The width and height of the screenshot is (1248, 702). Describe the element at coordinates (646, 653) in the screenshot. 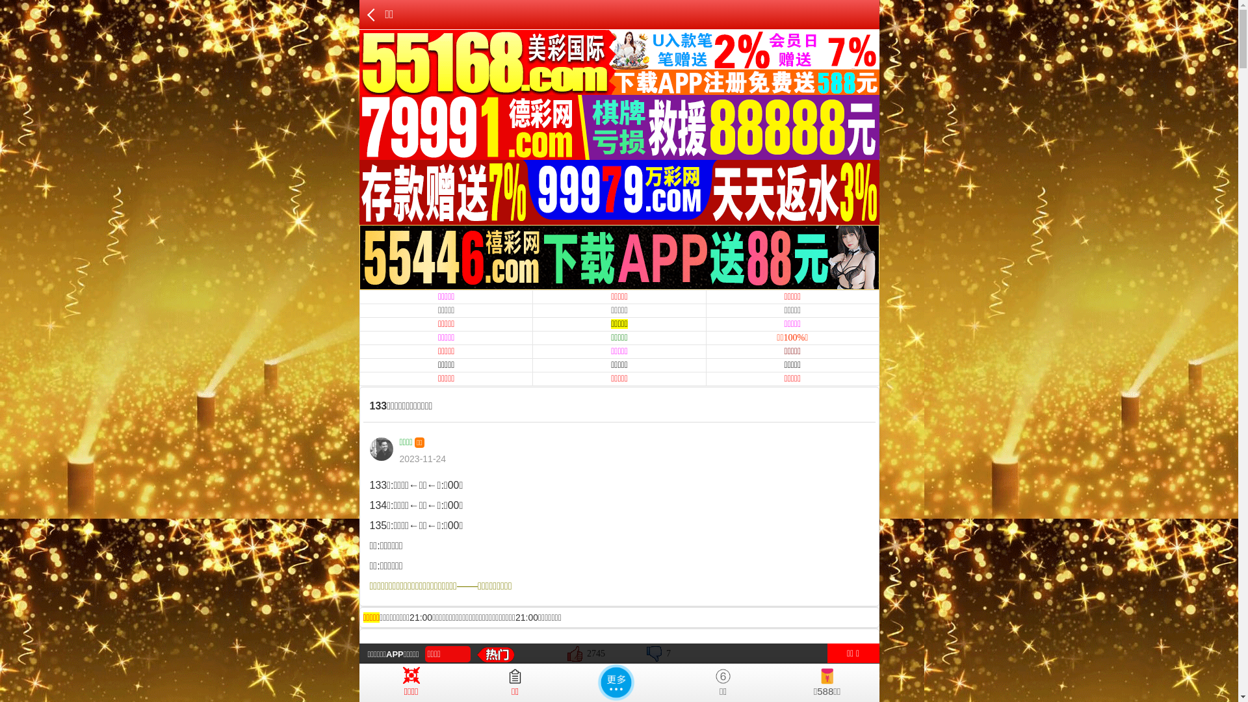

I see `'7'` at that location.